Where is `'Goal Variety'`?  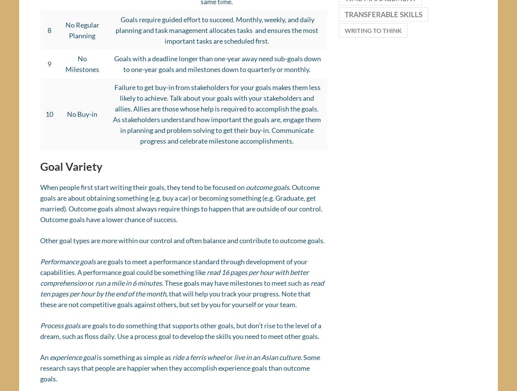 'Goal Variety' is located at coordinates (71, 169).